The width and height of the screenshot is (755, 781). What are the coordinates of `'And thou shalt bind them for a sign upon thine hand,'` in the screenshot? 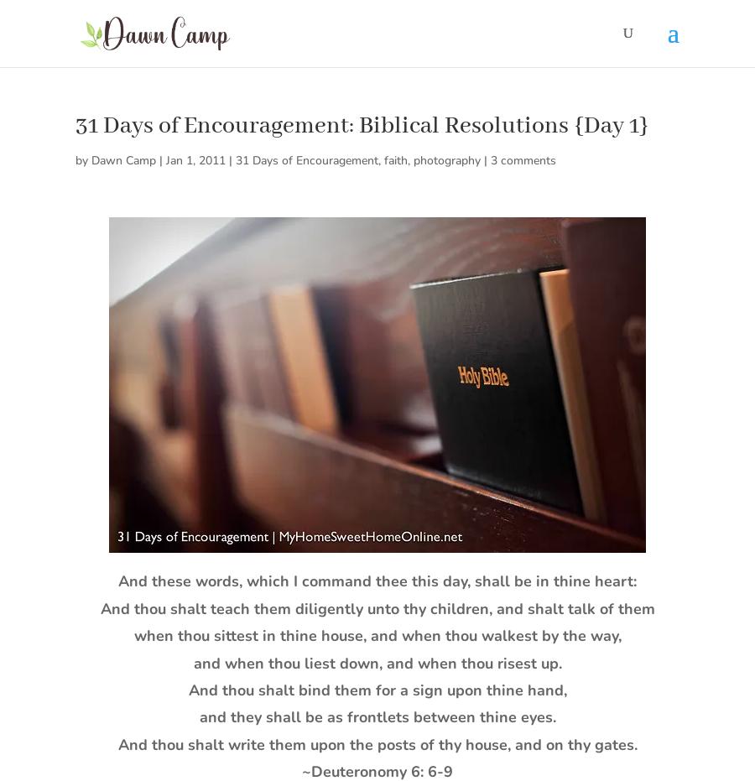 It's located at (377, 688).